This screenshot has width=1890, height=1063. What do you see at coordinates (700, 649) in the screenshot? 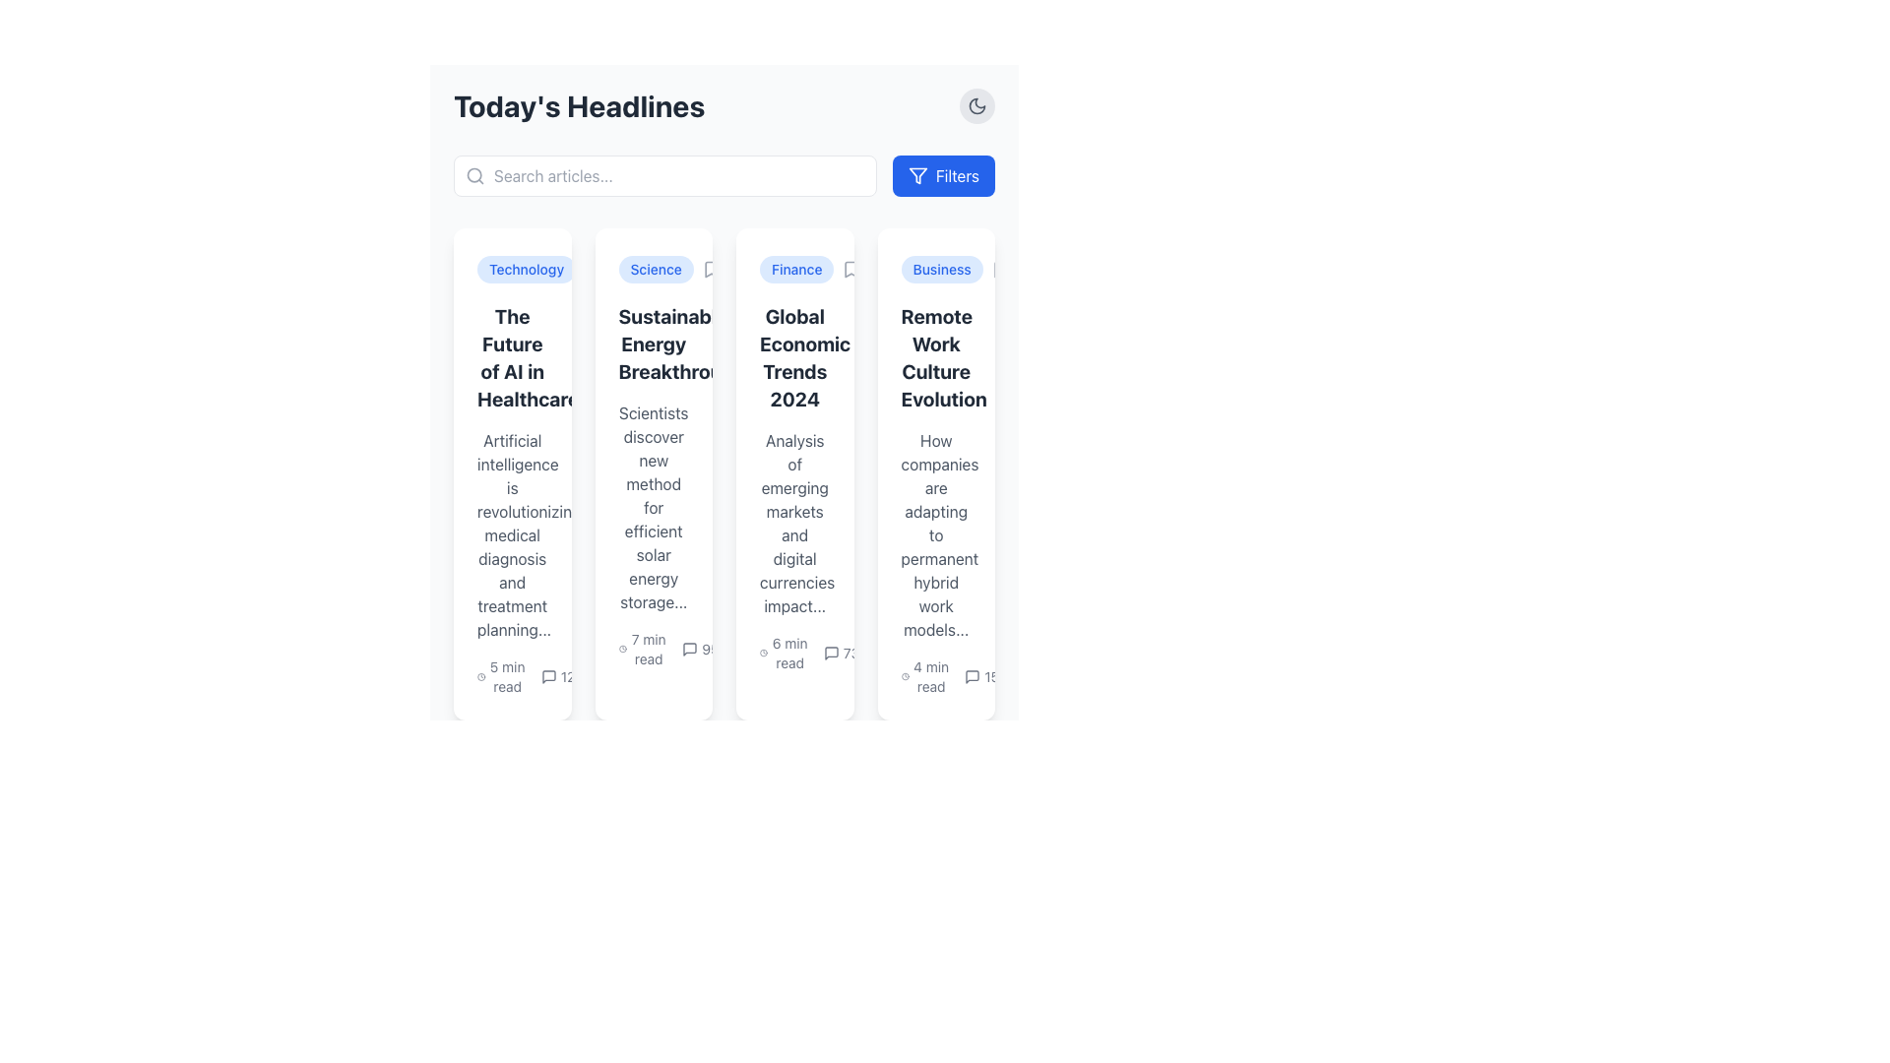
I see `the comment count indicator icon with text label located in the 'Sustainable Energy Breakthrough' card, positioned towards the bottom-right corner` at bounding box center [700, 649].